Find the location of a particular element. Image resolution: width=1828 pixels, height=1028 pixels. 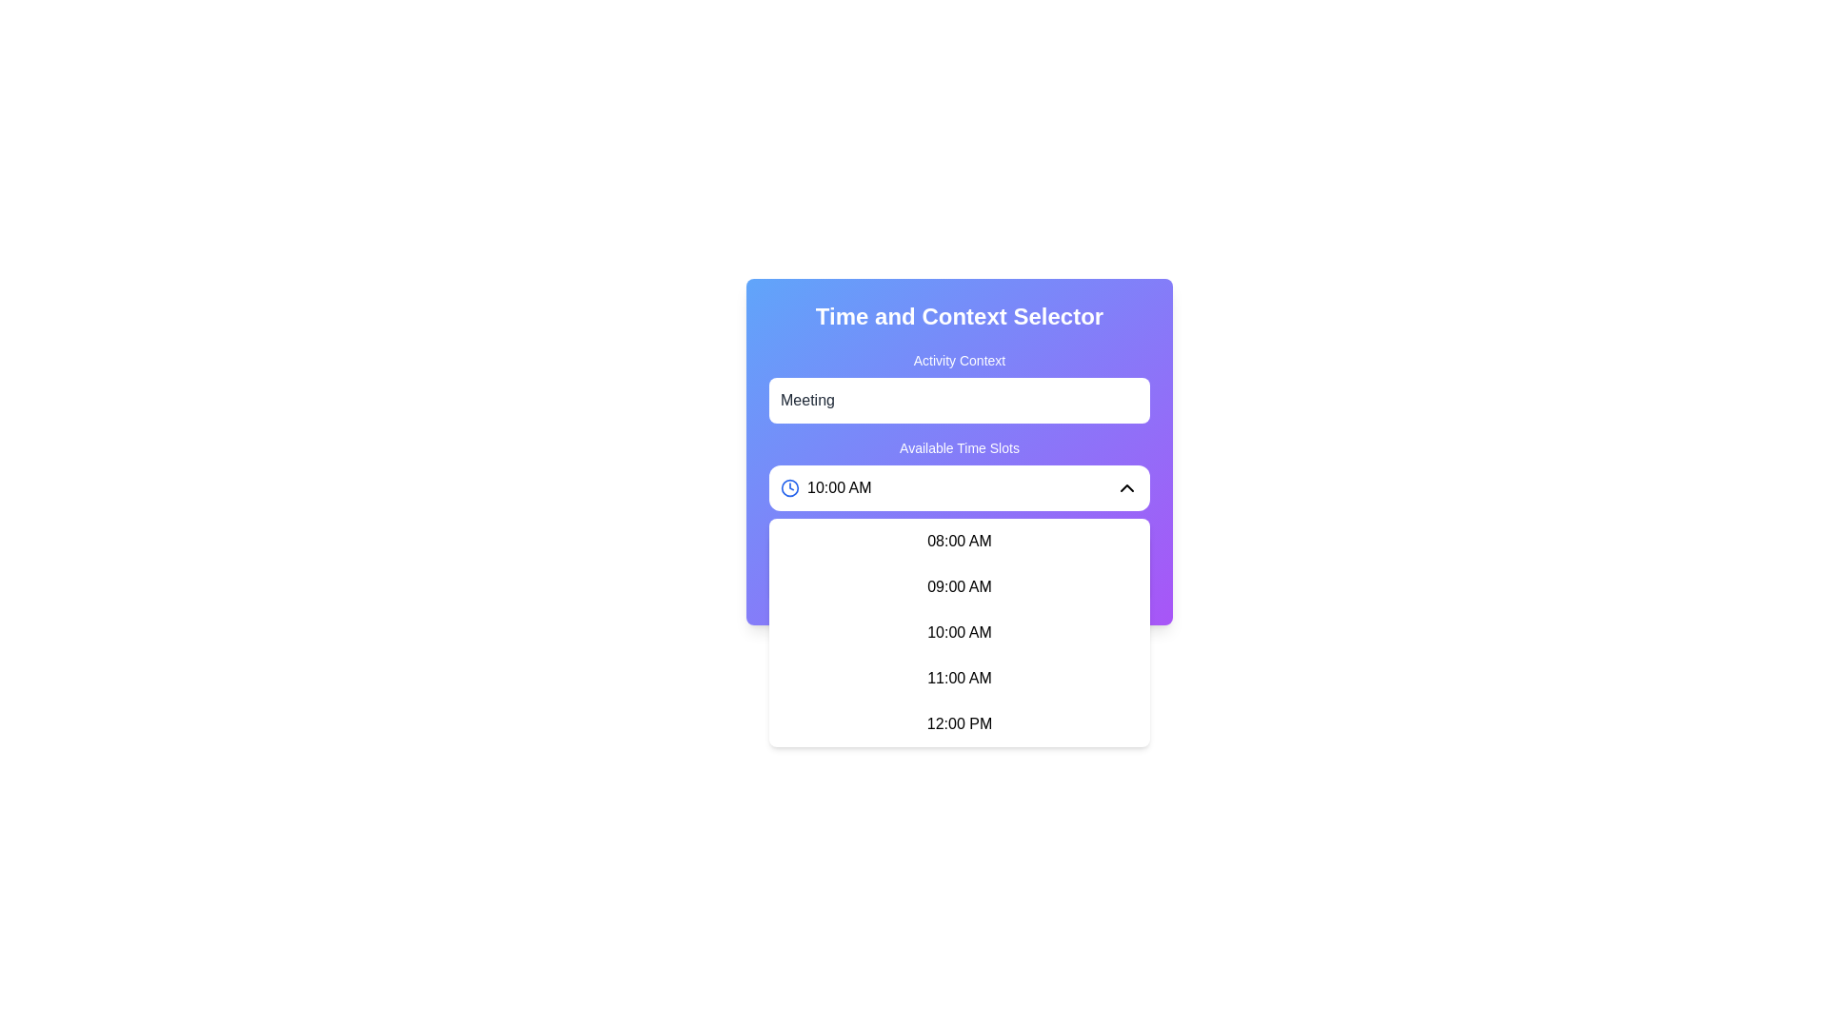

the text heading 'Available Time Slots' which is styled with white font on a gradient blue-purple background, located centrally above the time selection dropdown is located at coordinates (960, 447).